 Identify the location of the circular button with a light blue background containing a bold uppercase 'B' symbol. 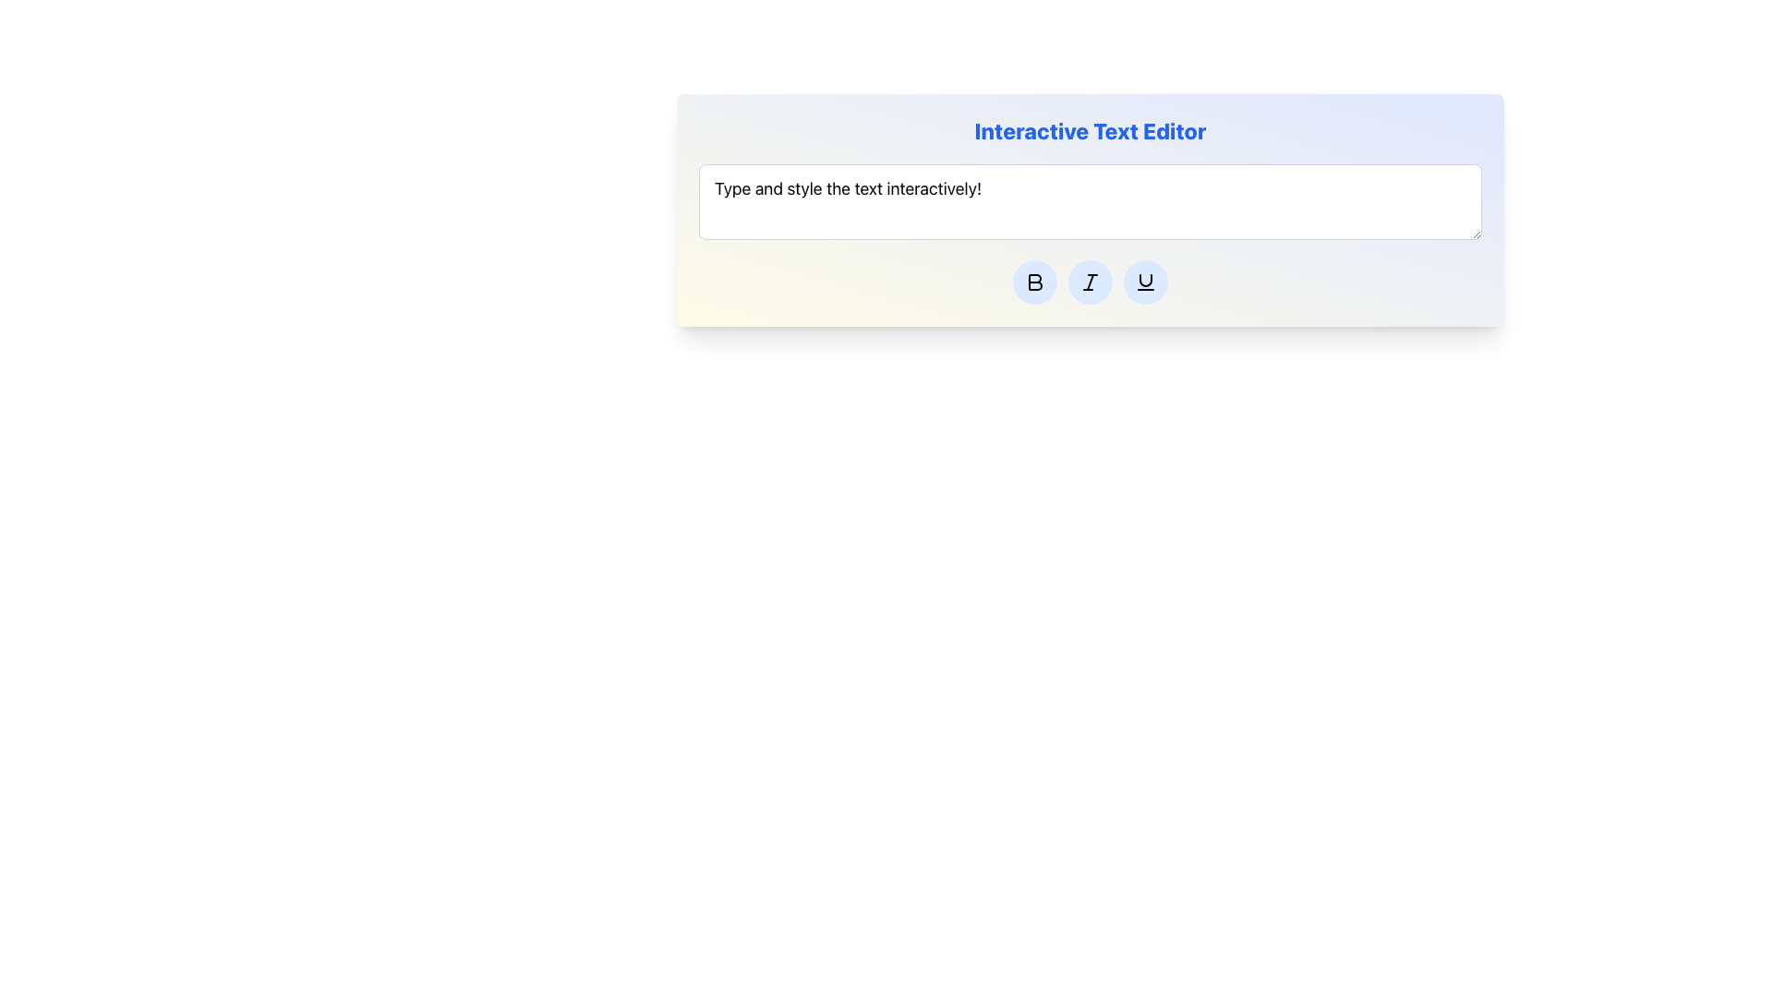
(1035, 282).